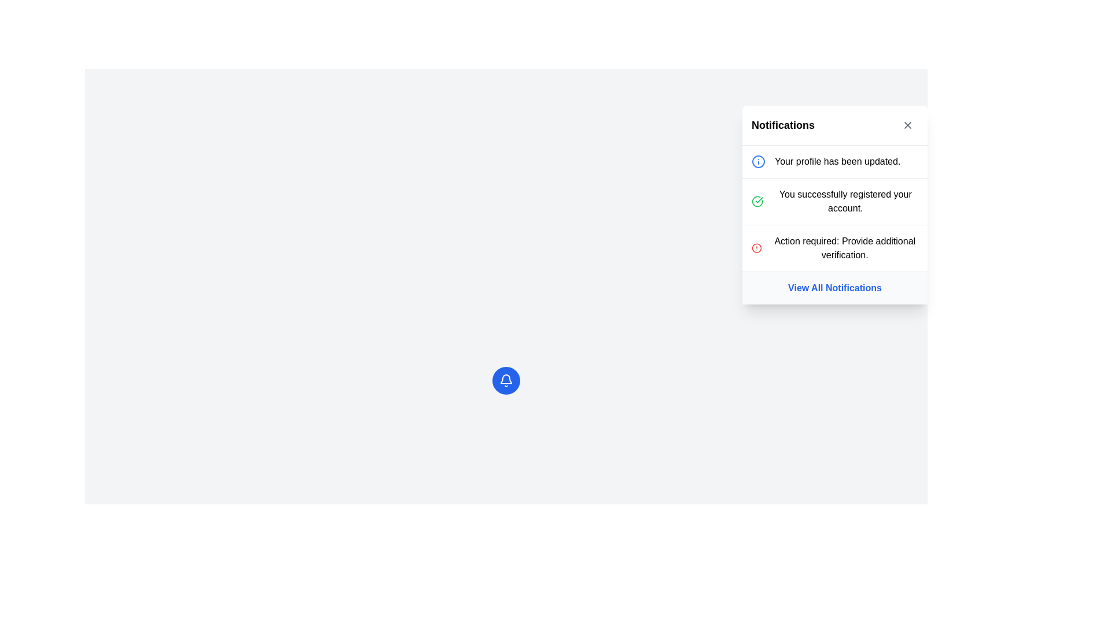 This screenshot has width=1111, height=624. I want to click on the Text label that conveys a notification about an action required by the user, located within the third notification item in the 'Notifications' dropdown panel, beneath 'You successfully registered your account.' and above 'View All Notifications.', so click(845, 247).